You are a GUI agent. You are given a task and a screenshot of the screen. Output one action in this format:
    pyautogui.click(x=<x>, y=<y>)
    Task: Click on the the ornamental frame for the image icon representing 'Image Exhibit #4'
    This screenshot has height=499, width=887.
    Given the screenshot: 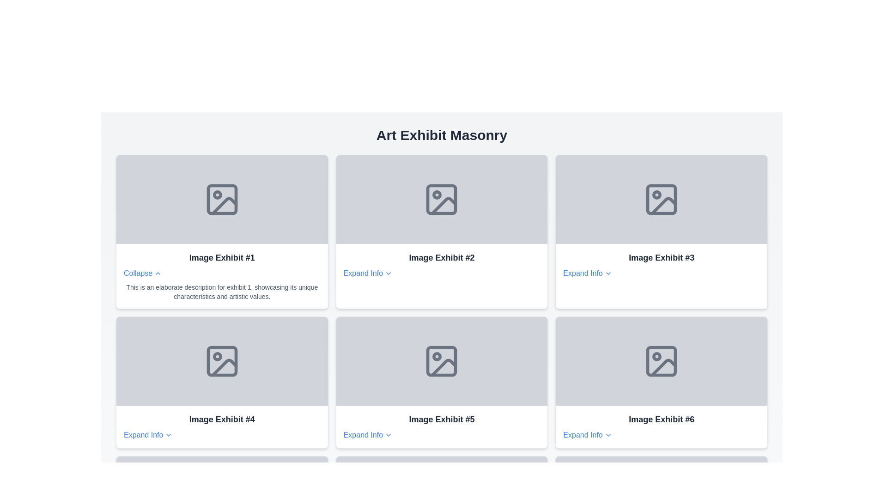 What is the action you would take?
    pyautogui.click(x=222, y=361)
    